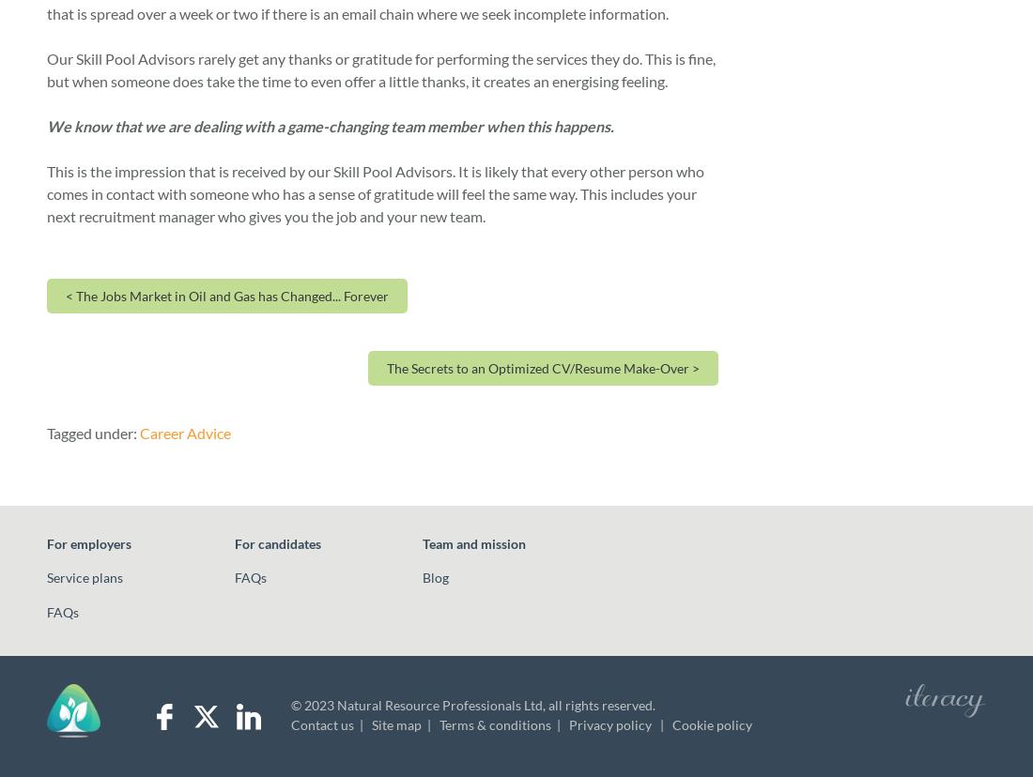  I want to click on 'For employers', so click(89, 542).